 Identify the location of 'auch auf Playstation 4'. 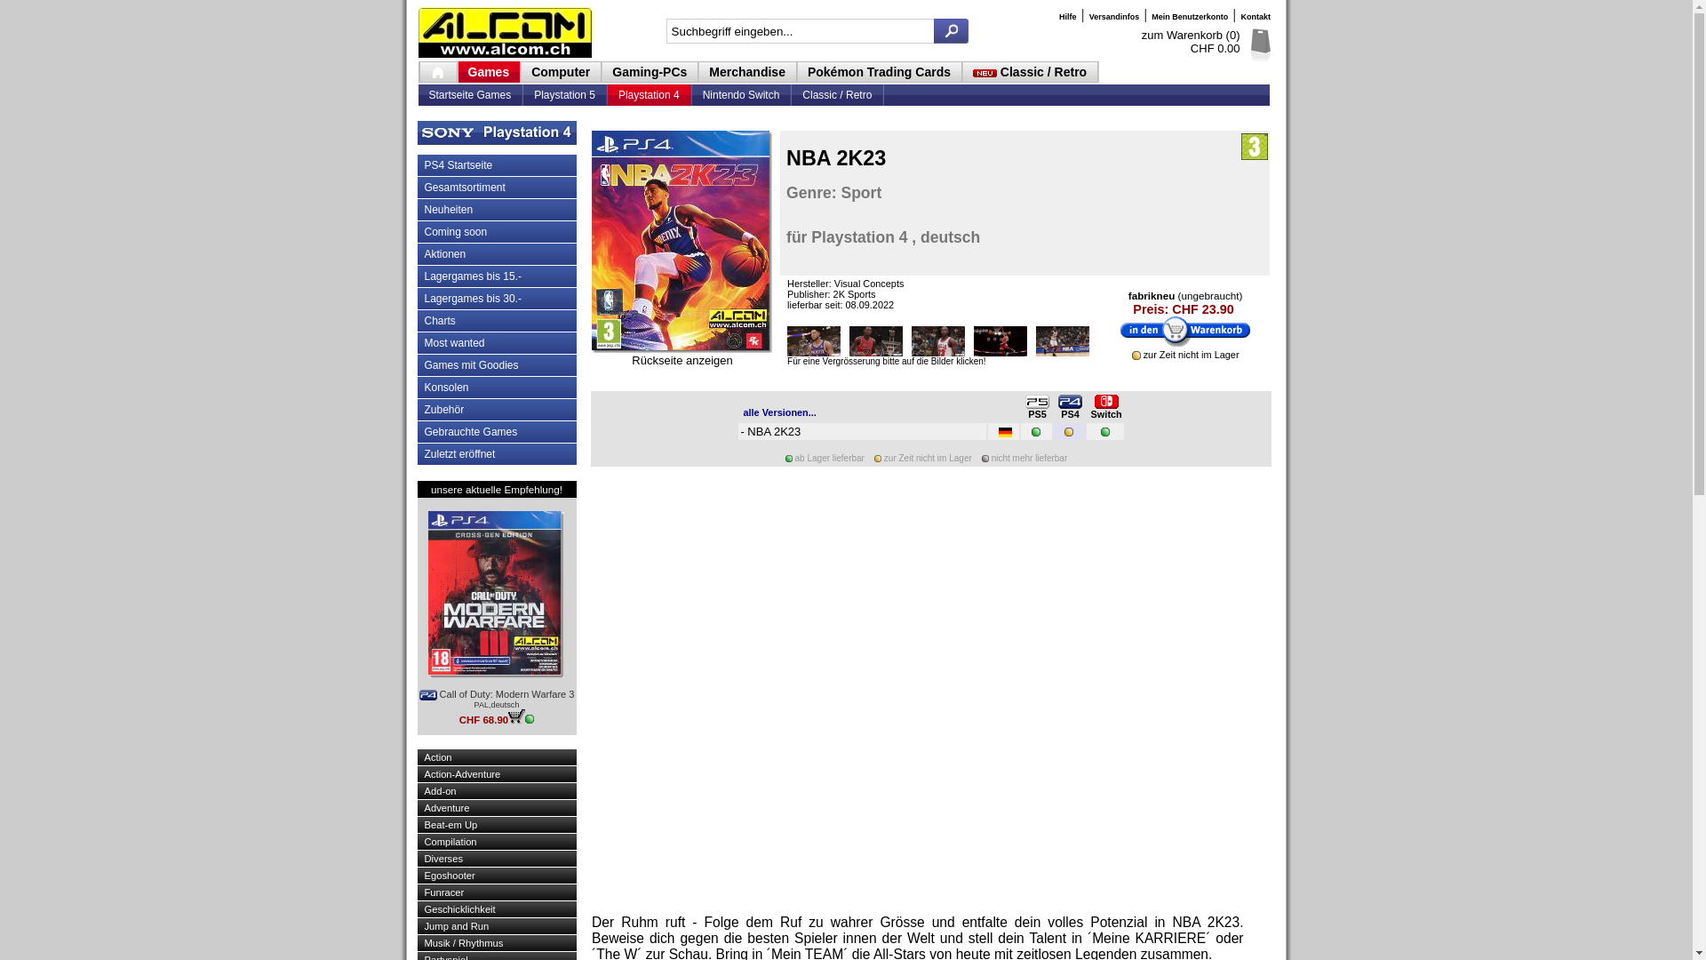
(1057, 401).